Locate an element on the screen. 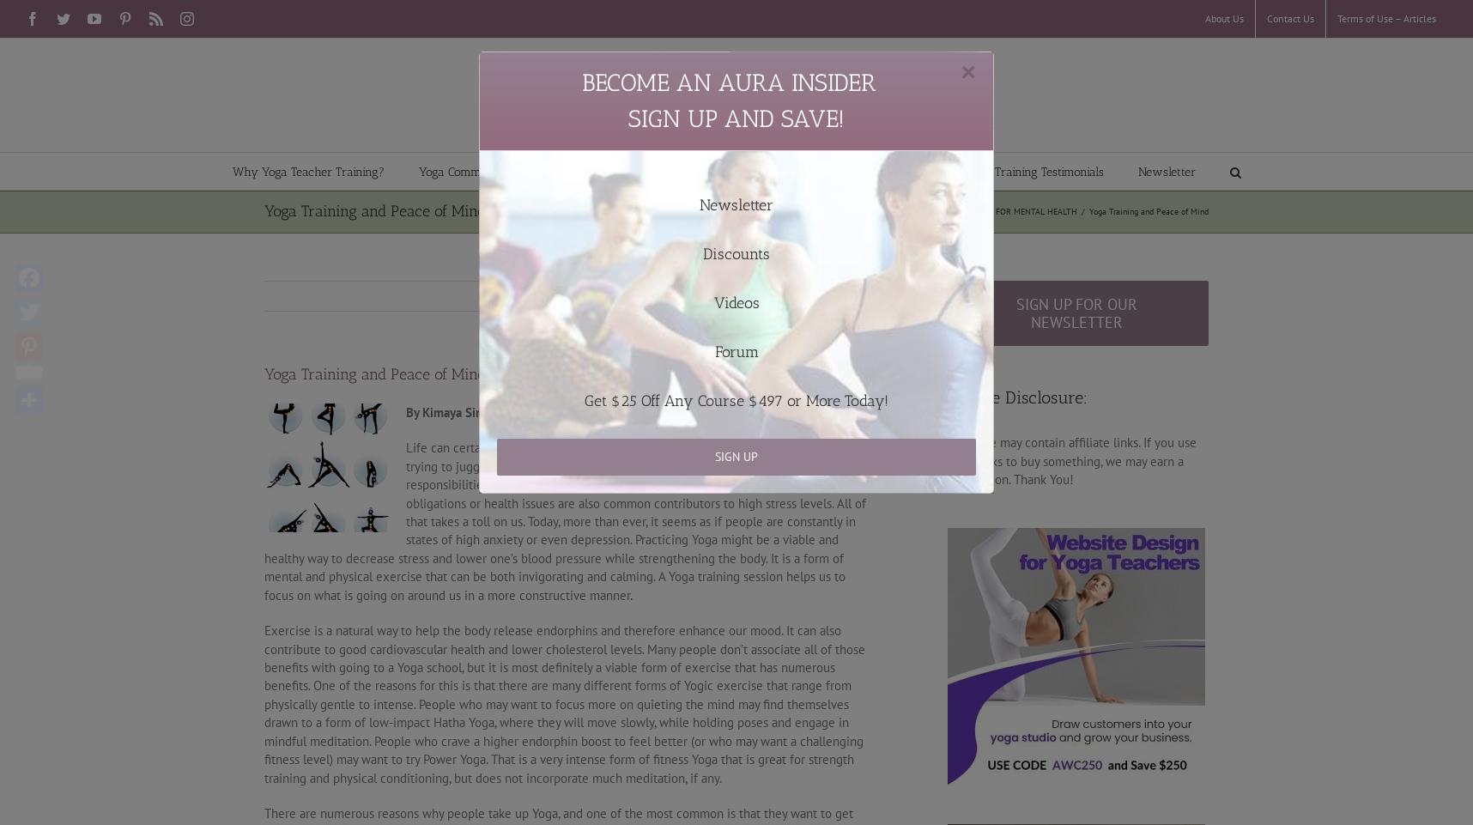 Image resolution: width=1473 pixels, height=825 pixels. 'Onsite Yoga Teacher Training' is located at coordinates (625, 435).